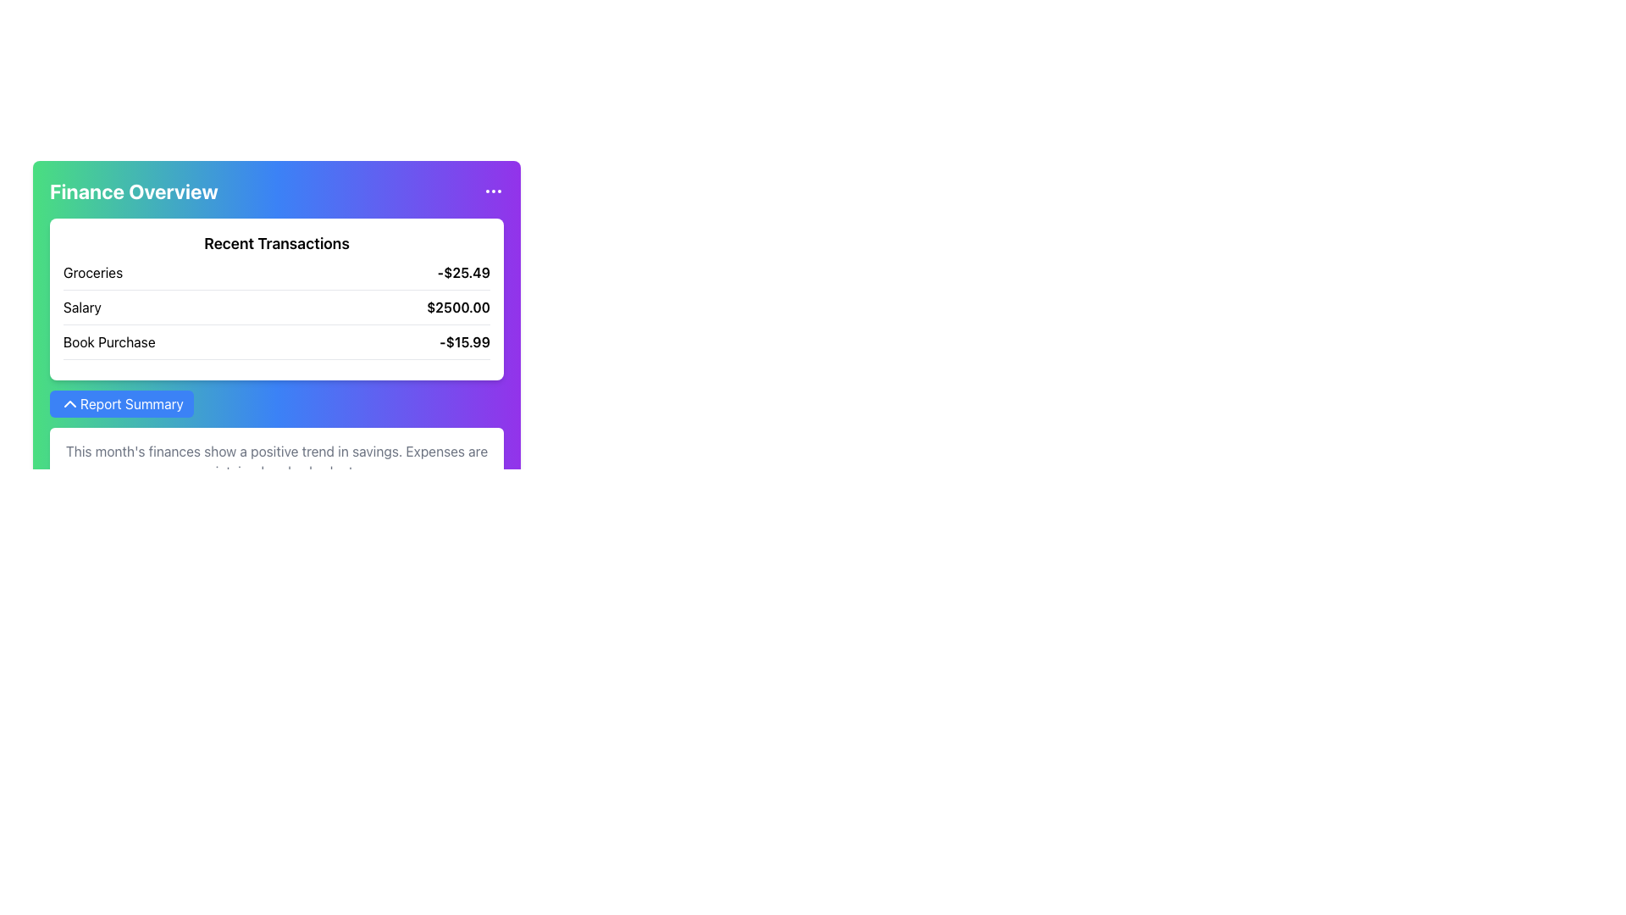 The image size is (1626, 915). Describe the element at coordinates (121, 404) in the screenshot. I see `the button with a blue background and white text that reads 'Report Summary', which is located at the bottom of the 'Finance Overview' card` at that location.